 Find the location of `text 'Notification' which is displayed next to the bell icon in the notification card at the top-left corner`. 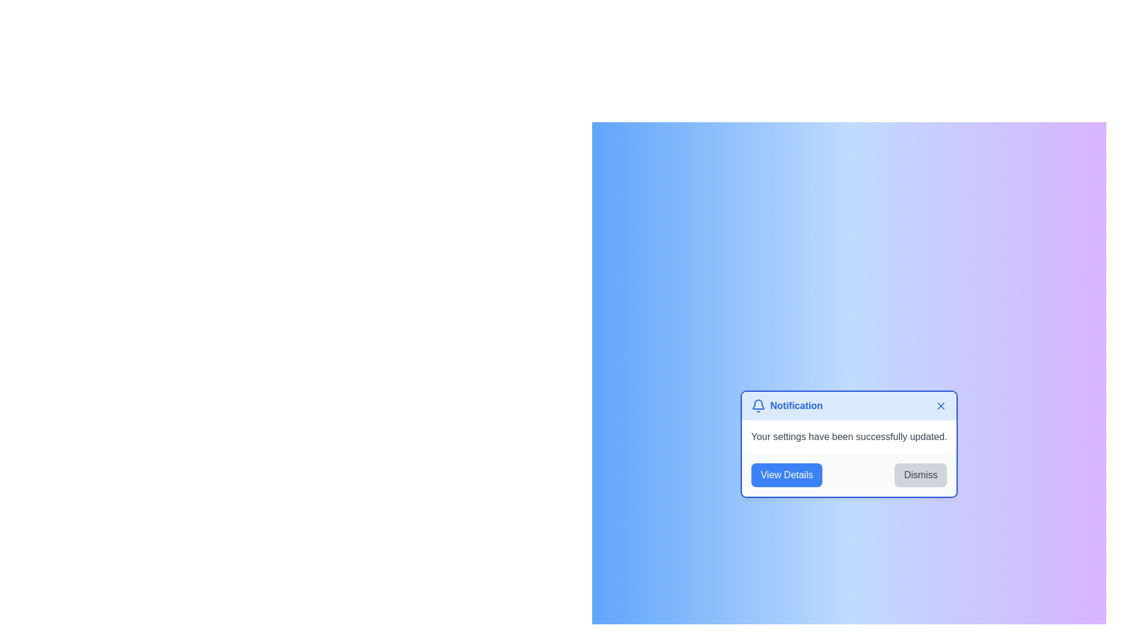

text 'Notification' which is displayed next to the bell icon in the notification card at the top-left corner is located at coordinates (787, 405).